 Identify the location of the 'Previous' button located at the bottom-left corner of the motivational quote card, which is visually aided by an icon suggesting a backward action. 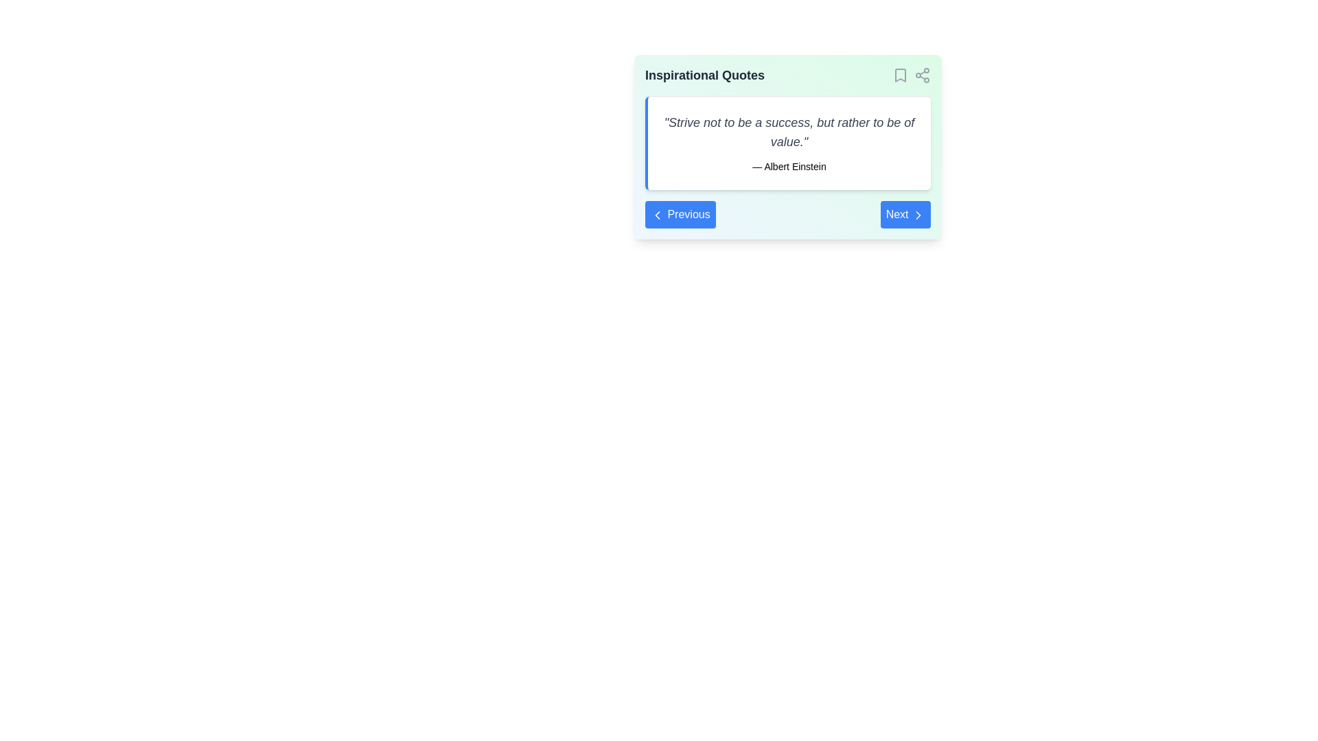
(657, 214).